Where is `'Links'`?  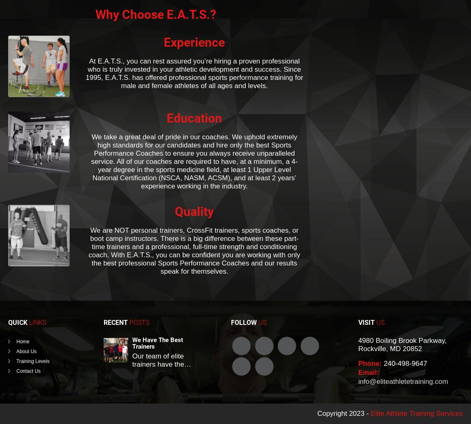
'Links' is located at coordinates (37, 322).